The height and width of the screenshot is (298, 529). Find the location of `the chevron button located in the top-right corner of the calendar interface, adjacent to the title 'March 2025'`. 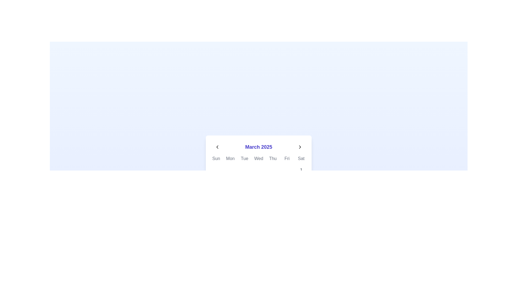

the chevron button located in the top-right corner of the calendar interface, adjacent to the title 'March 2025' is located at coordinates (300, 147).